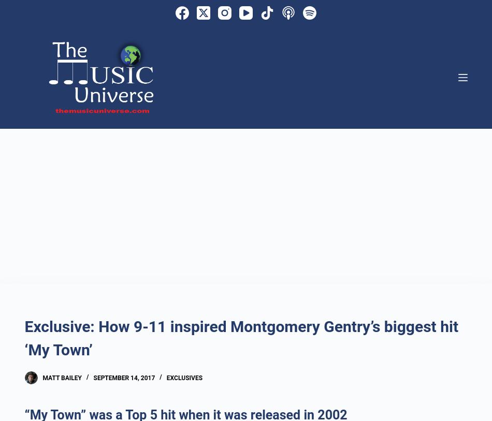 The image size is (492, 421). What do you see at coordinates (149, 130) in the screenshot?
I see `'later this morning (Thurs, Sept 14th).'` at bounding box center [149, 130].